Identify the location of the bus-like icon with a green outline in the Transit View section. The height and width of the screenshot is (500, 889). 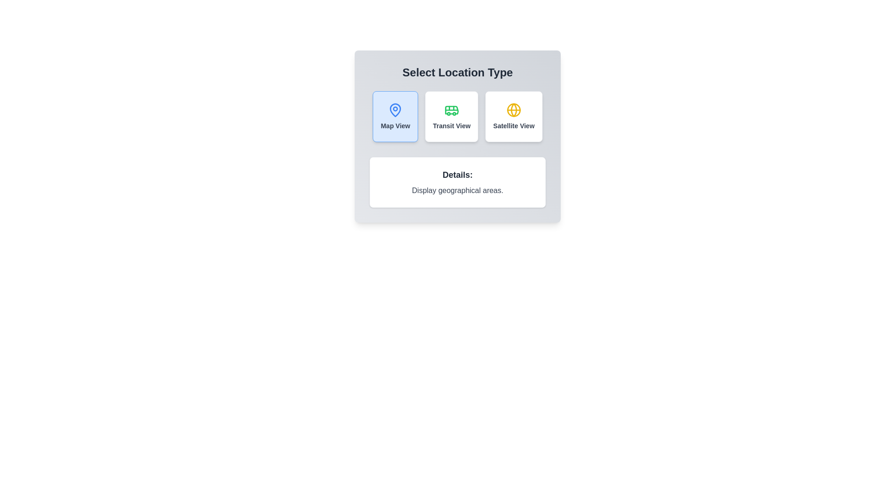
(451, 110).